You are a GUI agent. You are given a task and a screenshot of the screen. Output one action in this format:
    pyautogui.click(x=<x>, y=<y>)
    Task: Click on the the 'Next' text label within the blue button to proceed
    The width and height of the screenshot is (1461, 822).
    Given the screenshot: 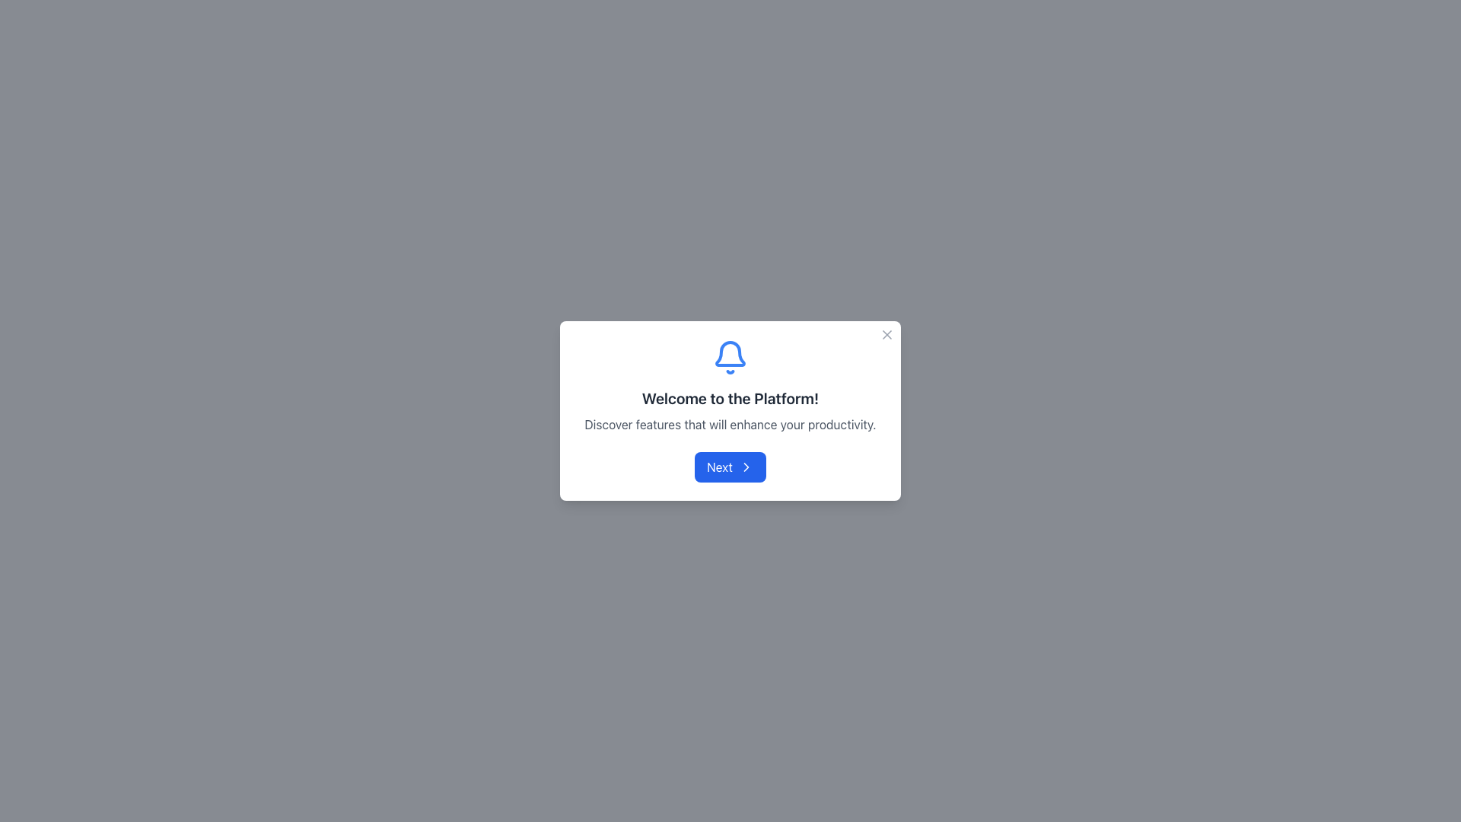 What is the action you would take?
    pyautogui.click(x=718, y=466)
    